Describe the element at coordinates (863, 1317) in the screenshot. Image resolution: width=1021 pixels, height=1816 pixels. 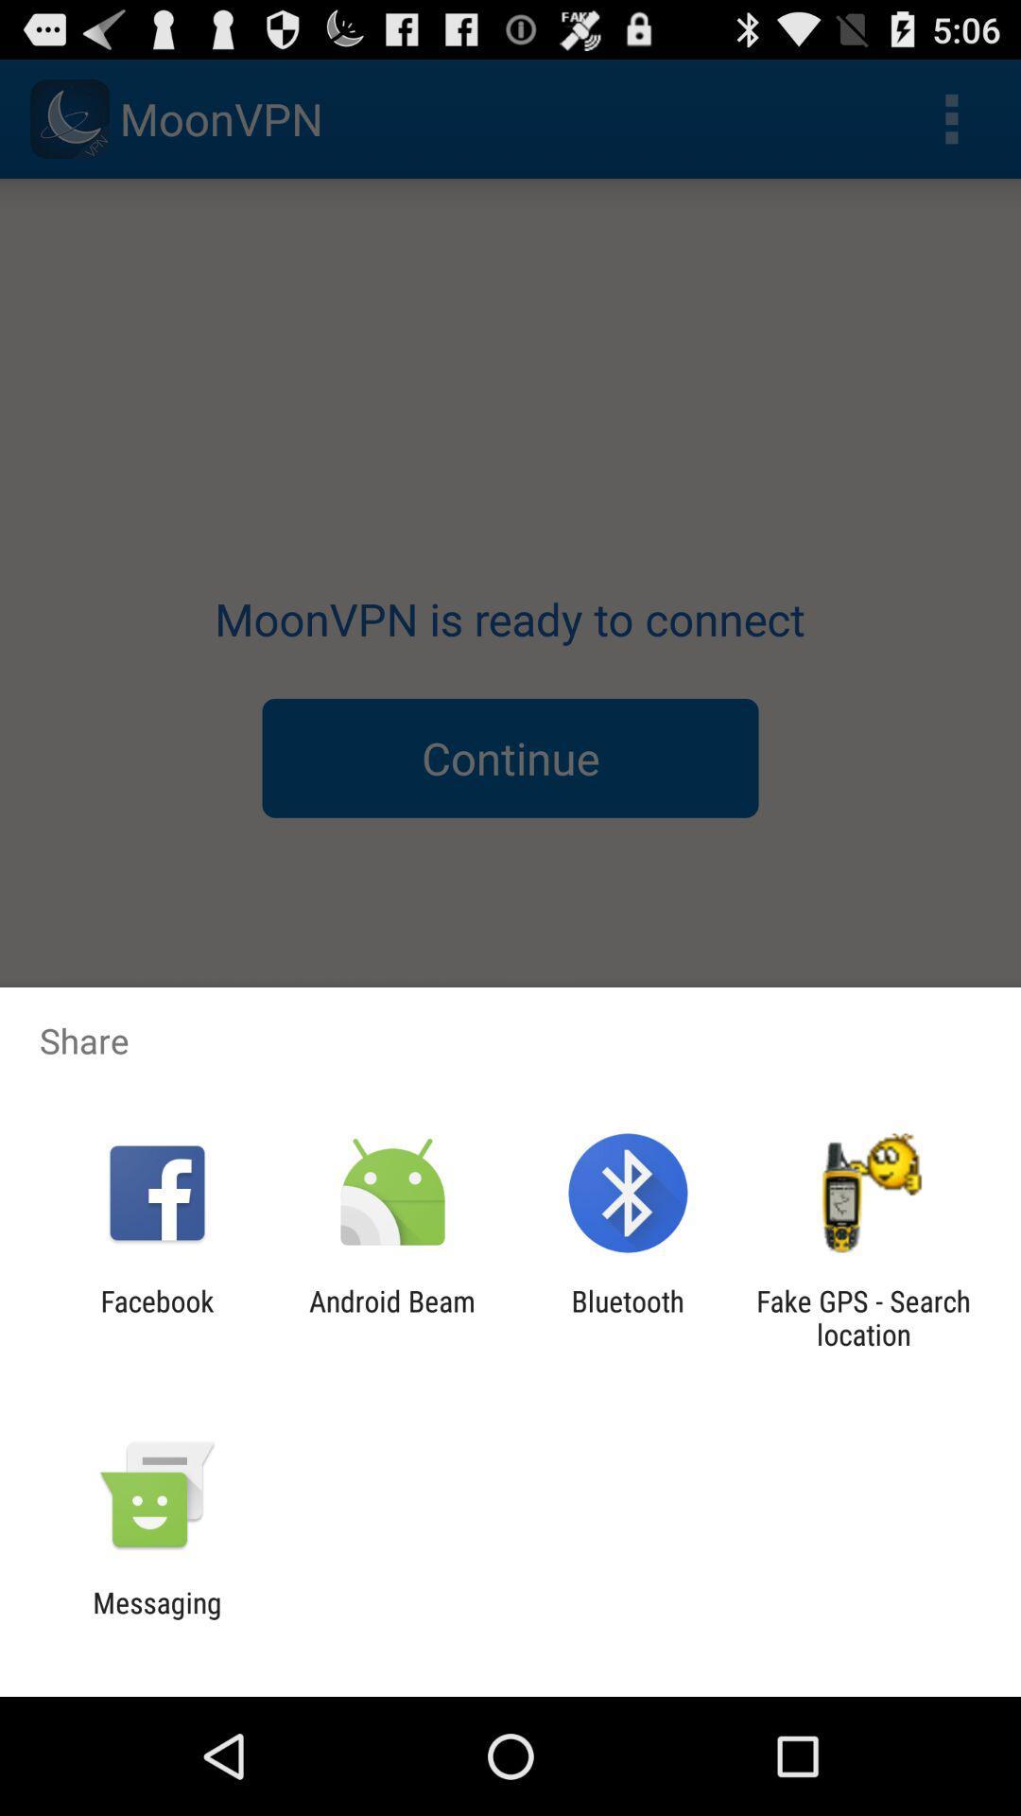
I see `the icon next to bluetooth` at that location.